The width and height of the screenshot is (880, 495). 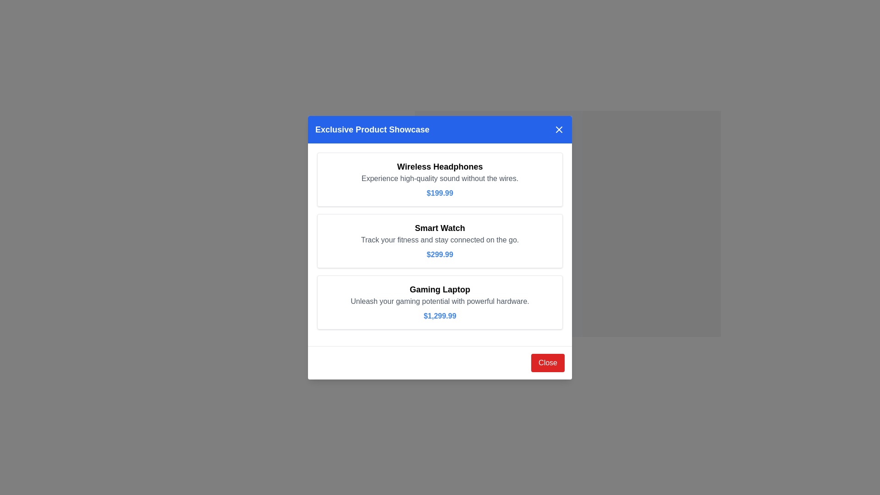 I want to click on the text label 'Exclusive Product Showcase' in the blue header of the modal dialog, which is styled with bold typography and larger font size, located to the left of the close button, so click(x=372, y=129).